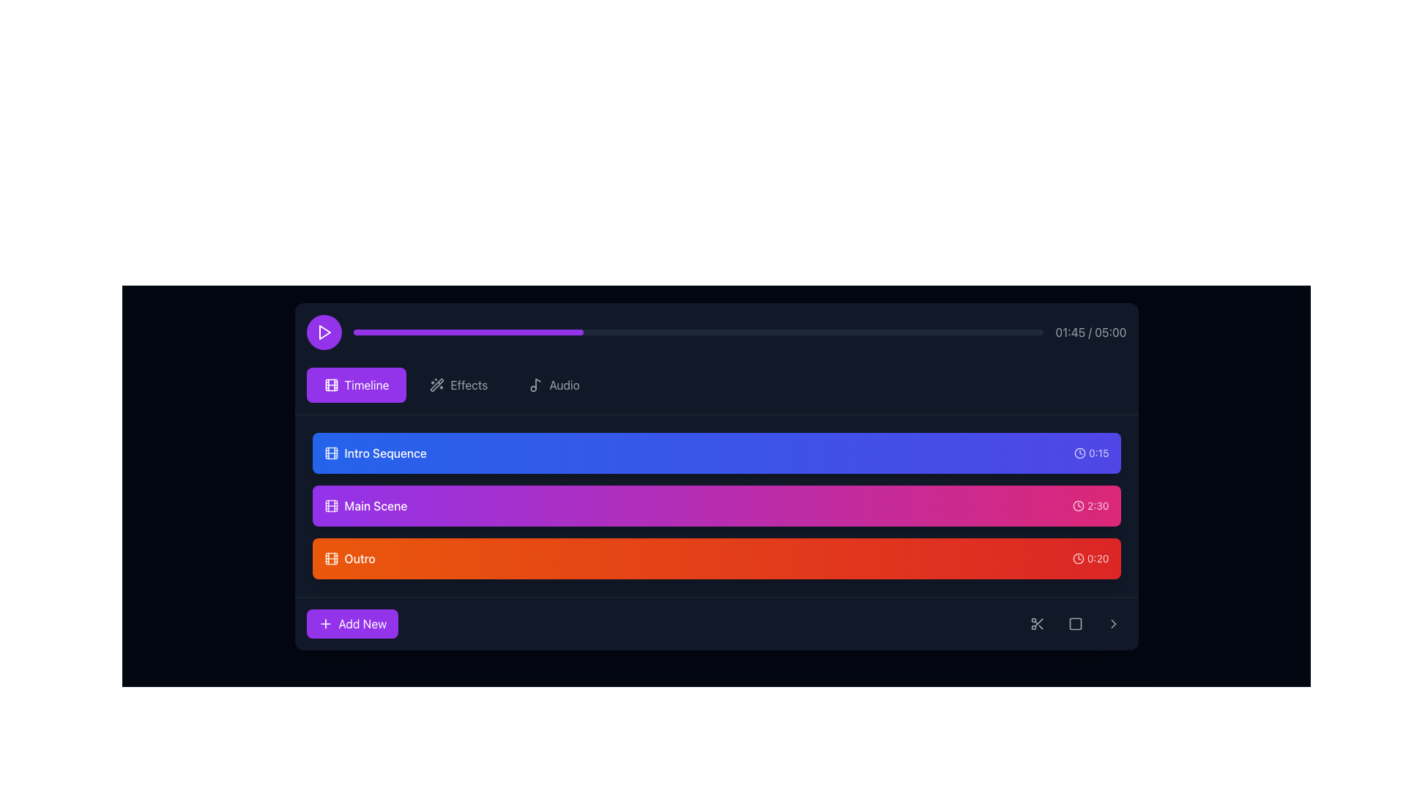 The height and width of the screenshot is (791, 1406). I want to click on the 'Main Scene' interactive block, so click(716, 505).